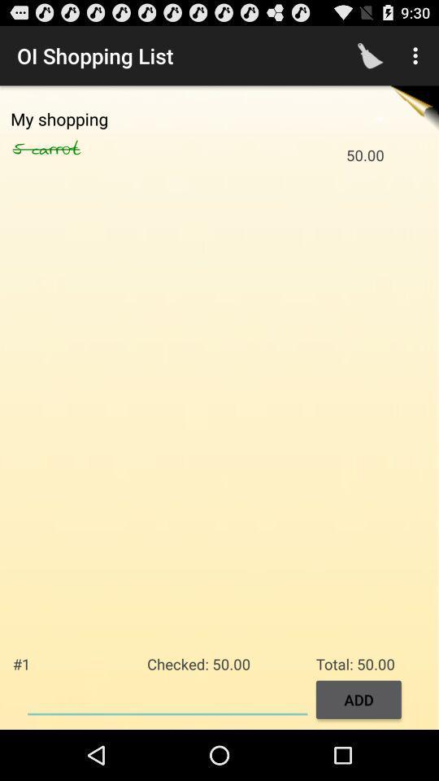  Describe the element at coordinates (21, 149) in the screenshot. I see `the app to the left of the carrot  icon` at that location.